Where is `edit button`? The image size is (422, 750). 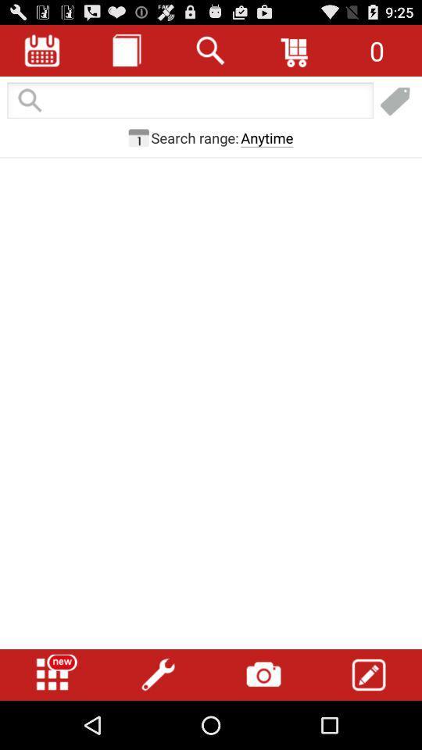 edit button is located at coordinates (369, 674).